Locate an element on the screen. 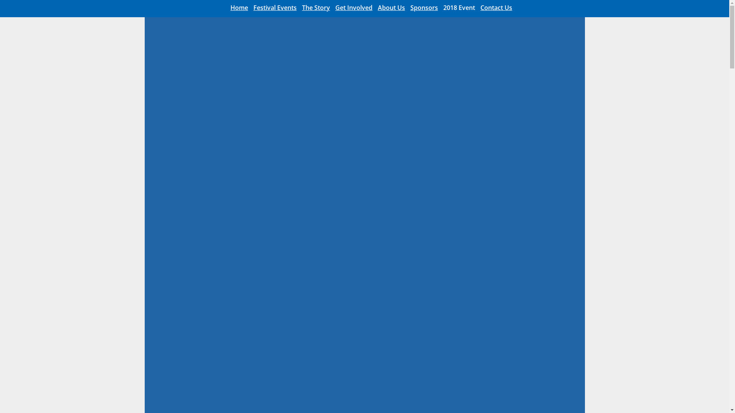 This screenshot has width=735, height=413. 'Skip to primary navigation' is located at coordinates (0, 0).